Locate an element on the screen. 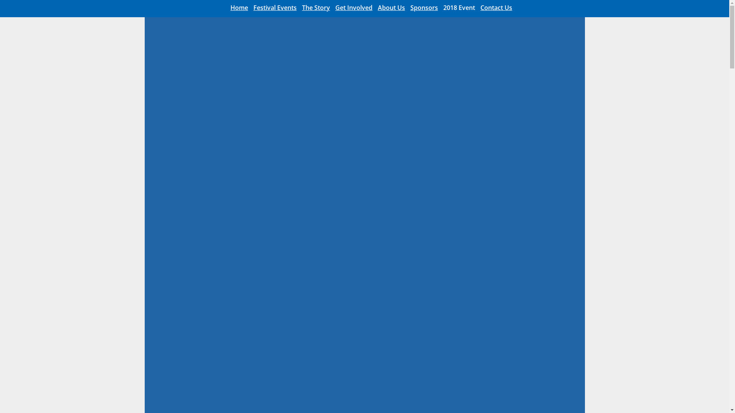 This screenshot has width=735, height=413. 'Skip to primary navigation' is located at coordinates (0, 0).